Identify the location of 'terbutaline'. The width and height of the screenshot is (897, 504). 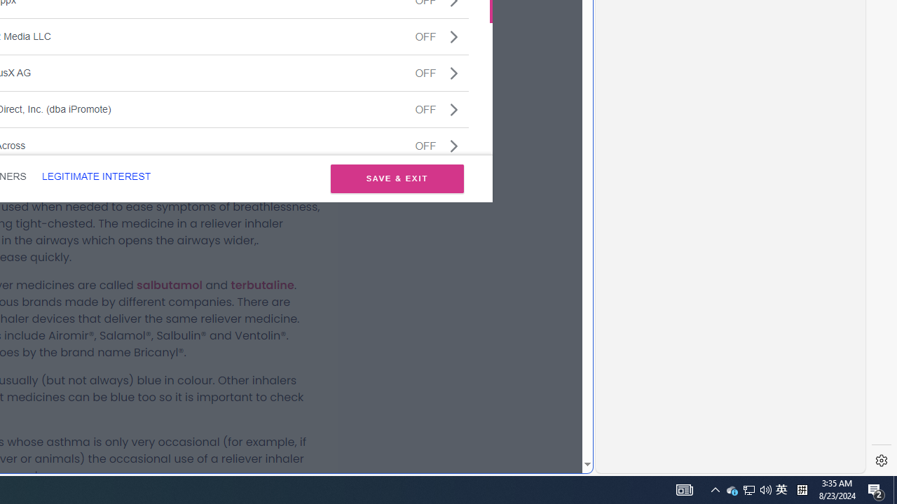
(262, 284).